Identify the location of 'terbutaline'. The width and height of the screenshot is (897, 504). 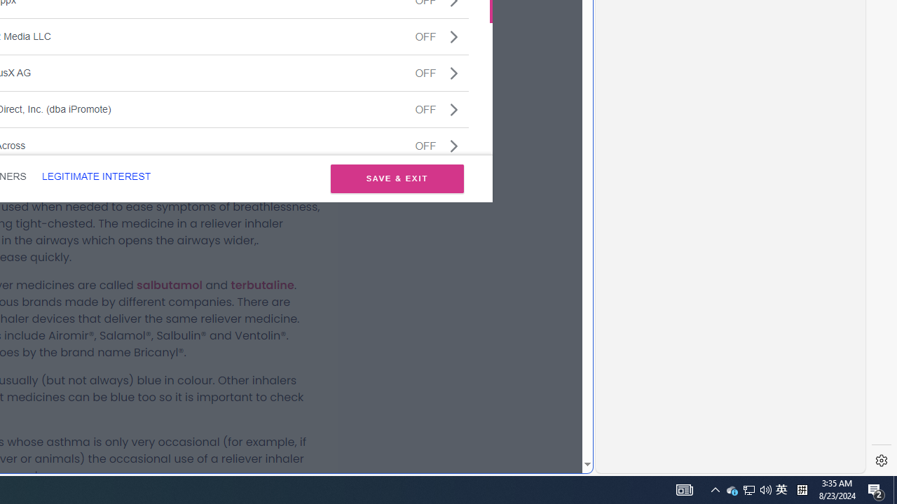
(262, 284).